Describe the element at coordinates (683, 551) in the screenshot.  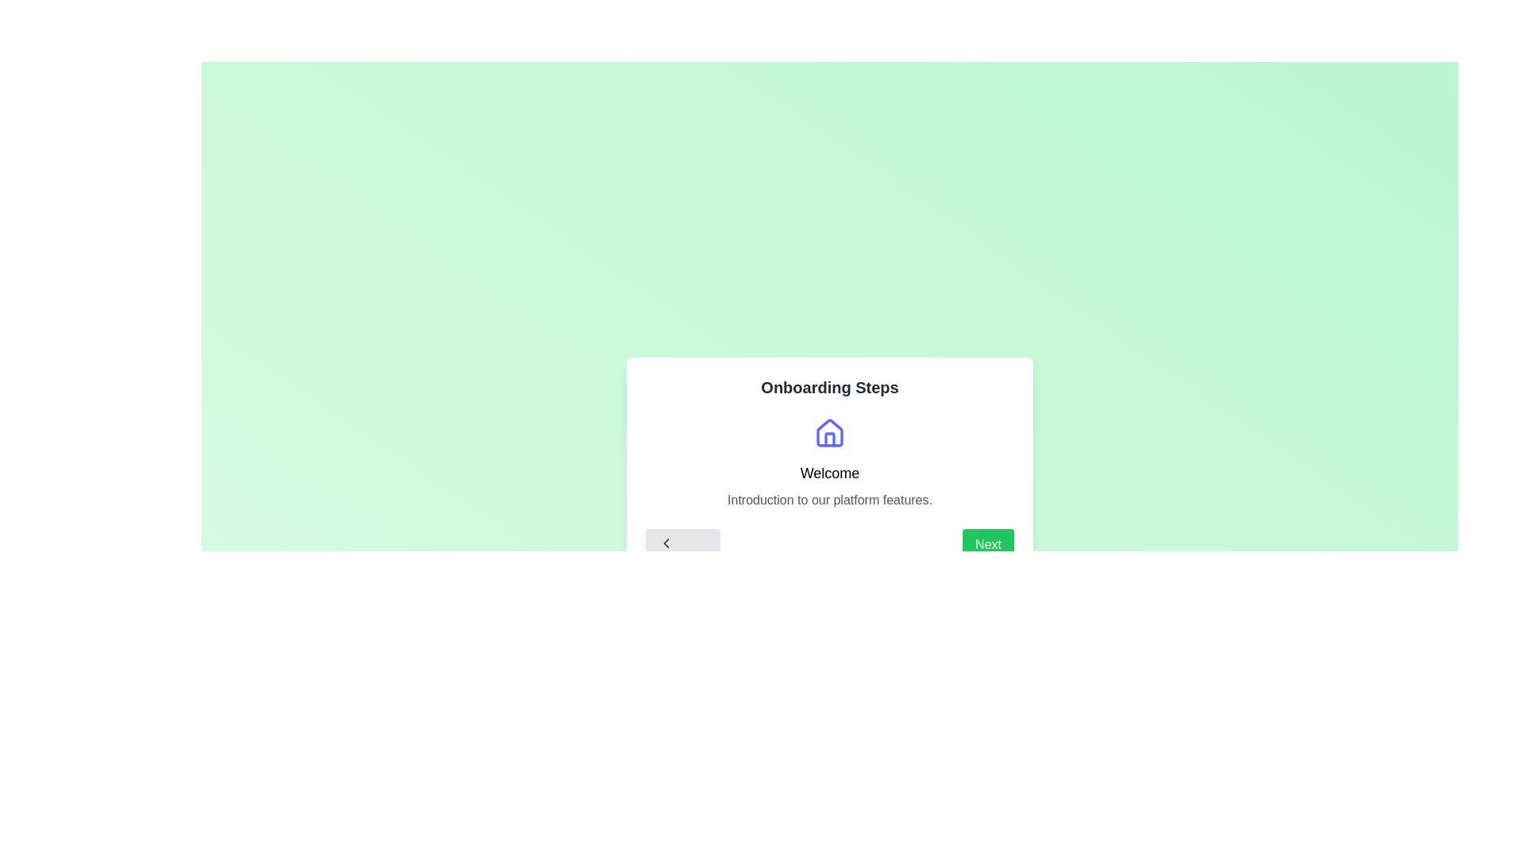
I see `the state of the disabled 'Previous' button located at the bottom left of the central panel, which is the first button in a pair of navigation buttons` at that location.